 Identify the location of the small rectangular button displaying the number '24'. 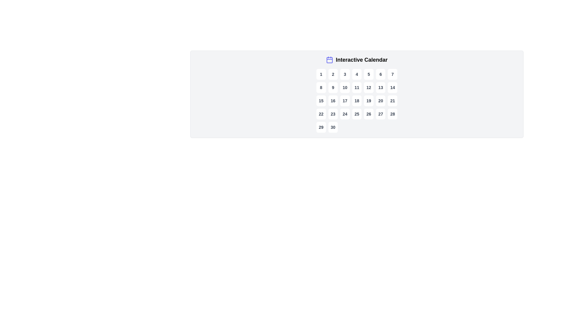
(345, 114).